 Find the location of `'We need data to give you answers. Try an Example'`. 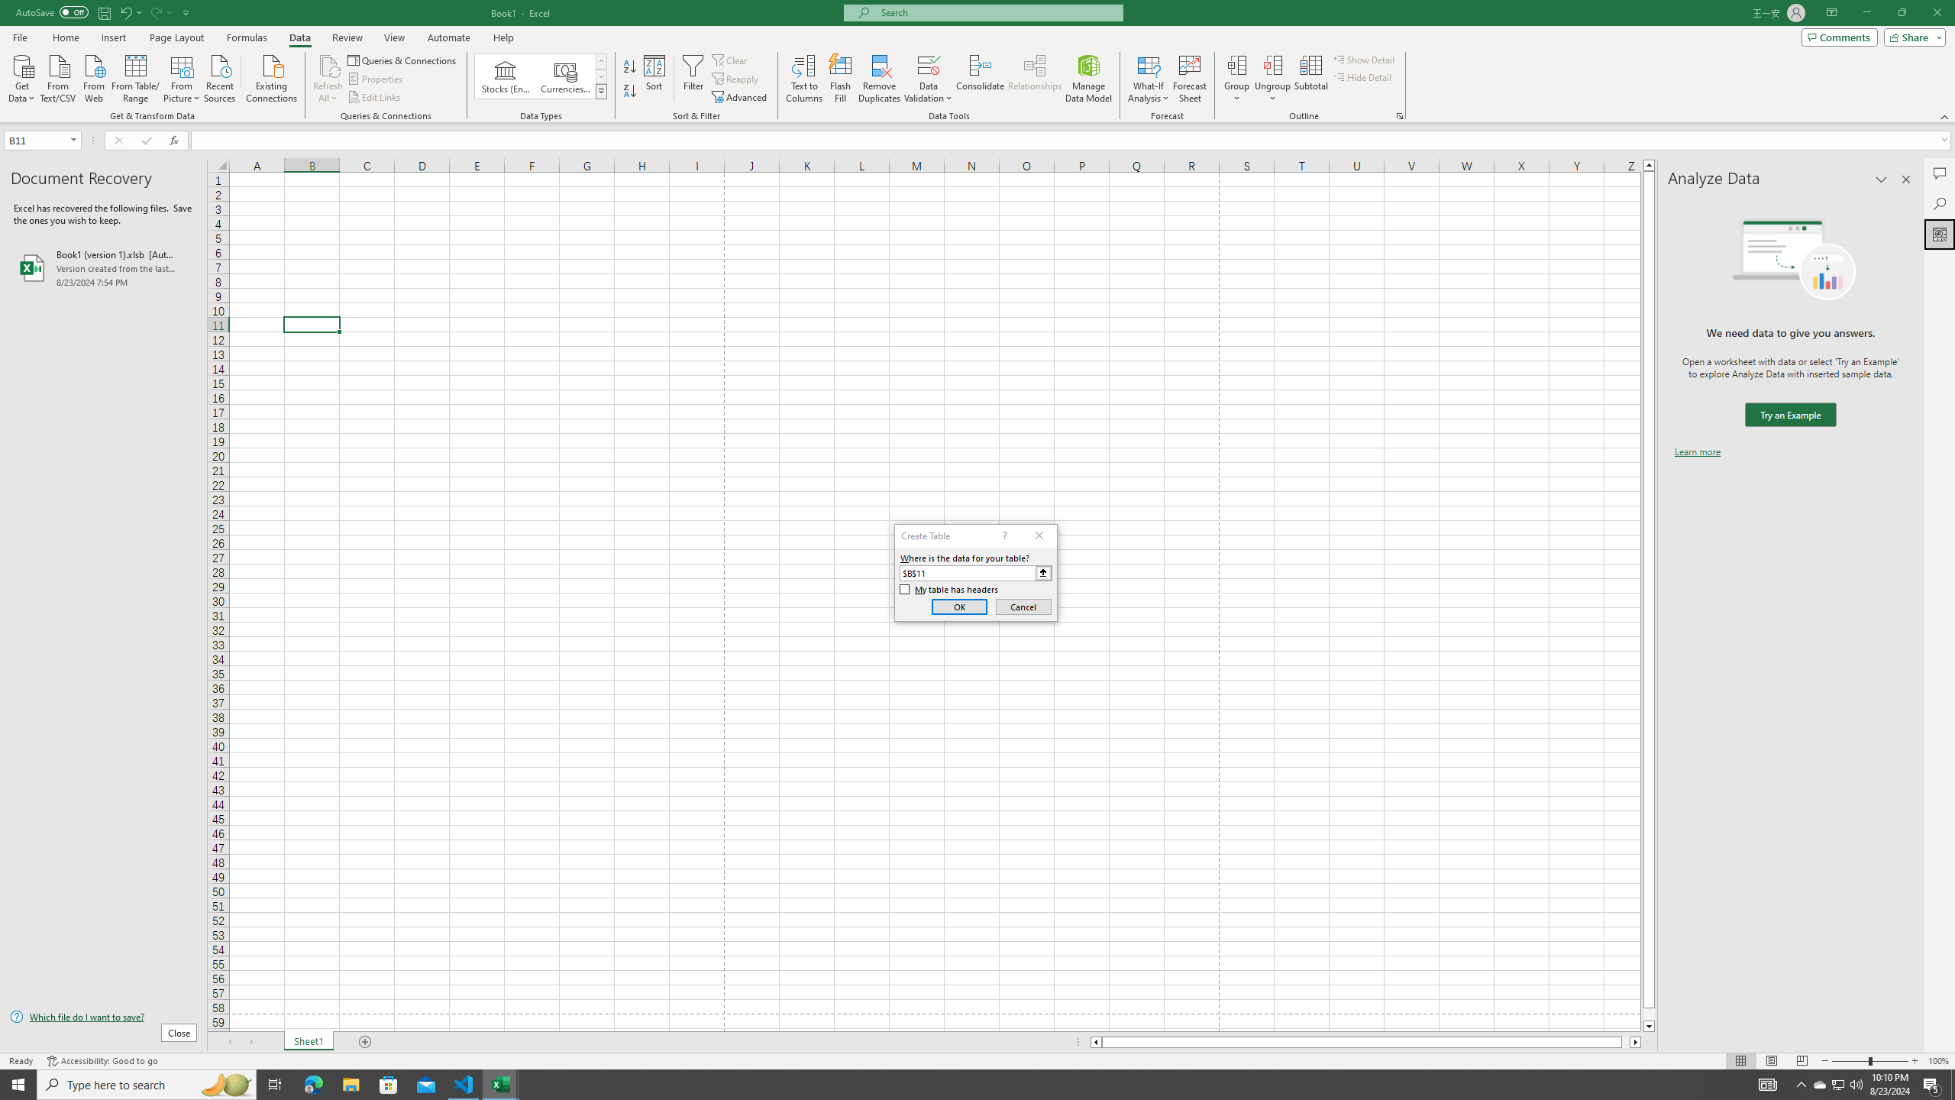

'We need data to give you answers. Try an Example' is located at coordinates (1789, 415).